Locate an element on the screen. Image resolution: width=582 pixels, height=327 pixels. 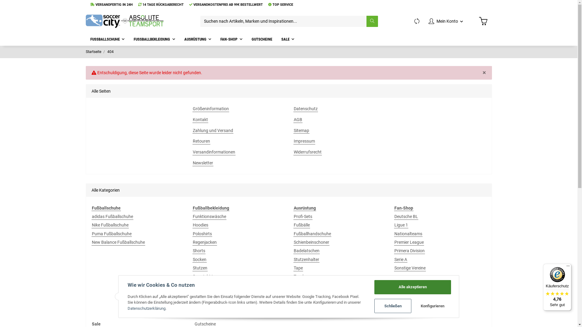
'Versandinformationen' is located at coordinates (214, 152).